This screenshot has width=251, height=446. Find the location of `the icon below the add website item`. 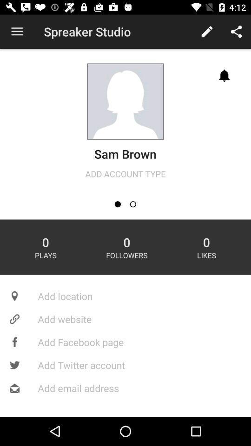

the icon below the add website item is located at coordinates (125, 341).